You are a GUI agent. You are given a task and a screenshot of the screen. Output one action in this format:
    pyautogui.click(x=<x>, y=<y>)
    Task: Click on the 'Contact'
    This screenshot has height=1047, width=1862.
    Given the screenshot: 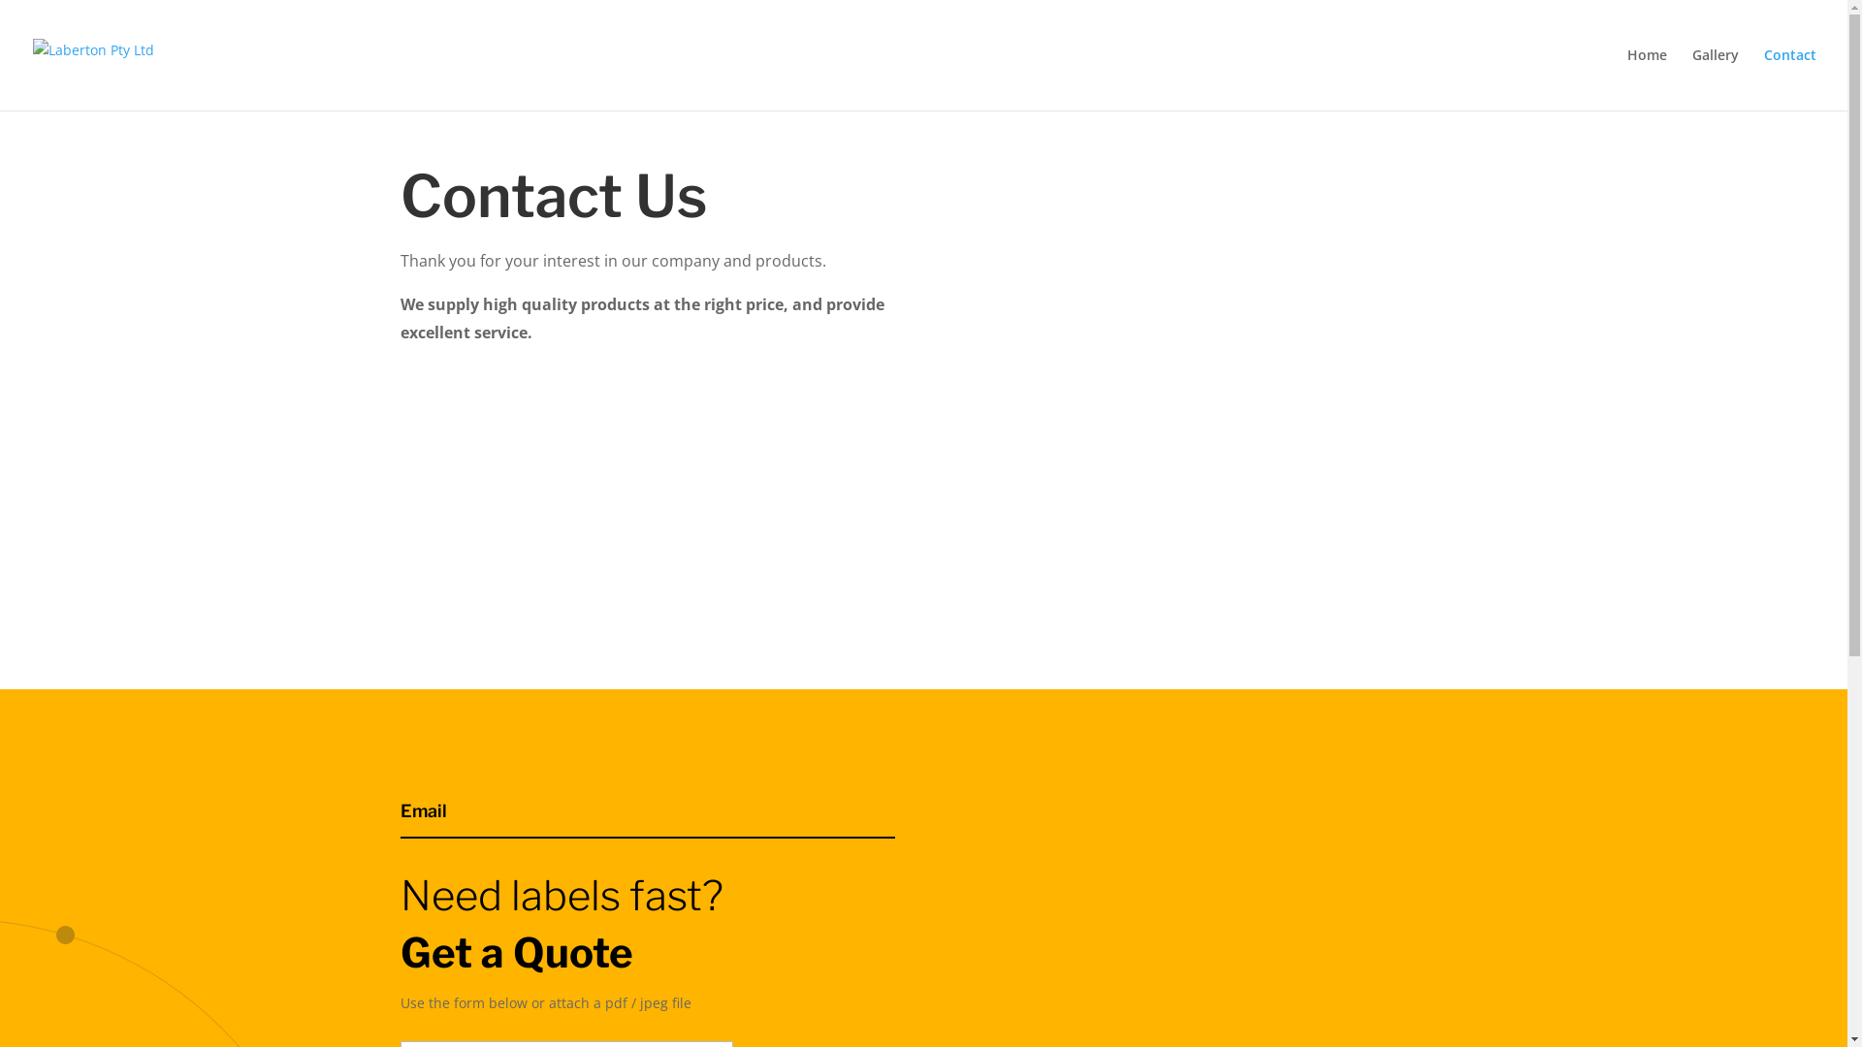 What is the action you would take?
    pyautogui.click(x=1789, y=78)
    